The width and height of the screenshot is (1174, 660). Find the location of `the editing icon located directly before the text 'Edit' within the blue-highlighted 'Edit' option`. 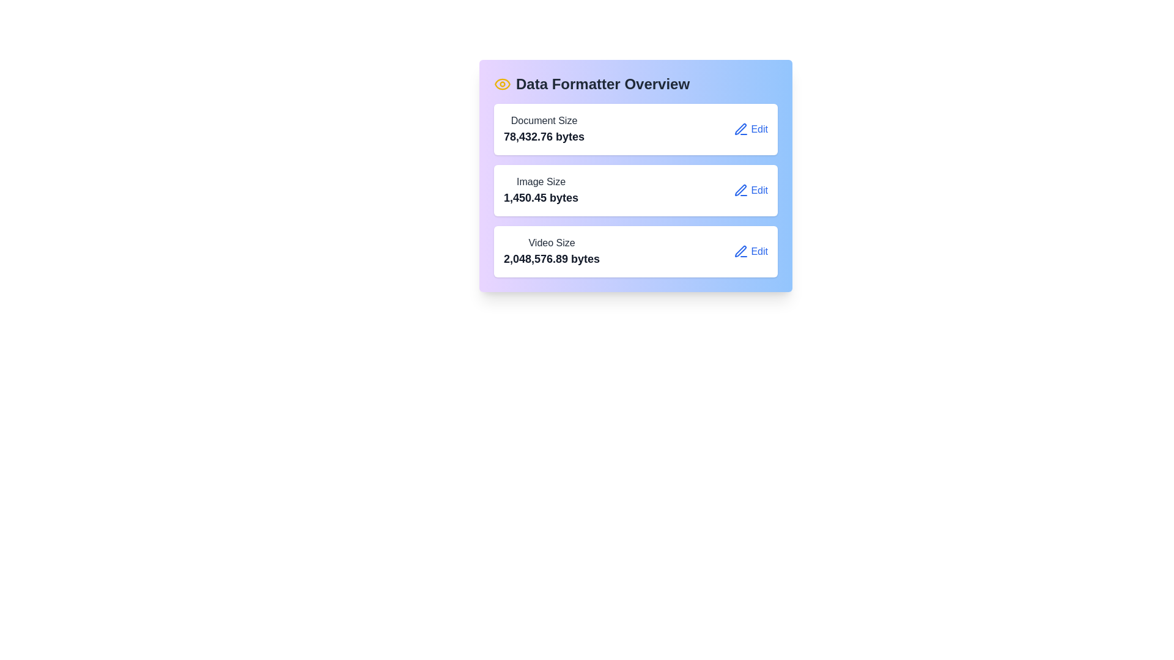

the editing icon located directly before the text 'Edit' within the blue-highlighted 'Edit' option is located at coordinates (740, 251).